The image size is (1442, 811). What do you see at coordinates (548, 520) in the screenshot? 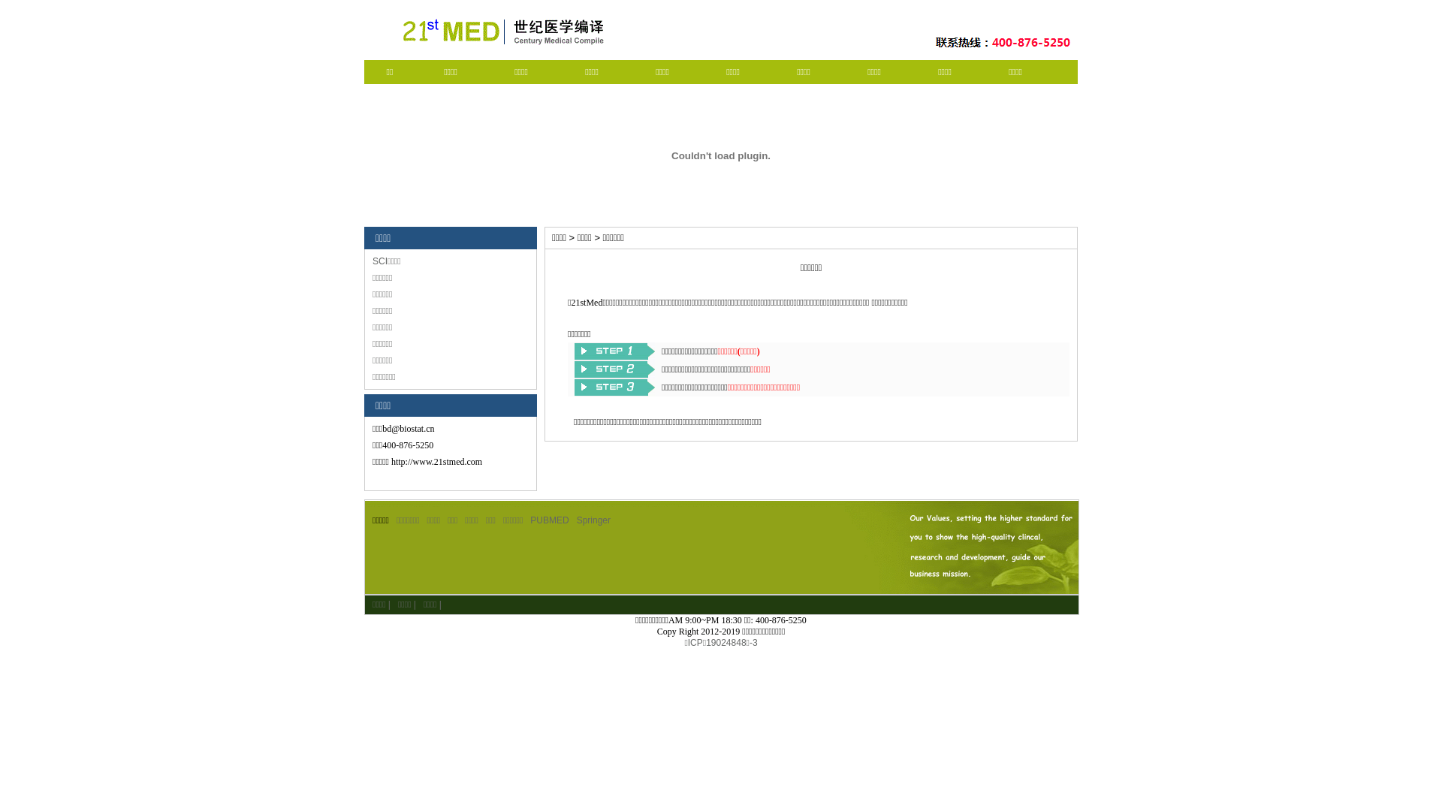
I see `'PUBMED'` at bounding box center [548, 520].